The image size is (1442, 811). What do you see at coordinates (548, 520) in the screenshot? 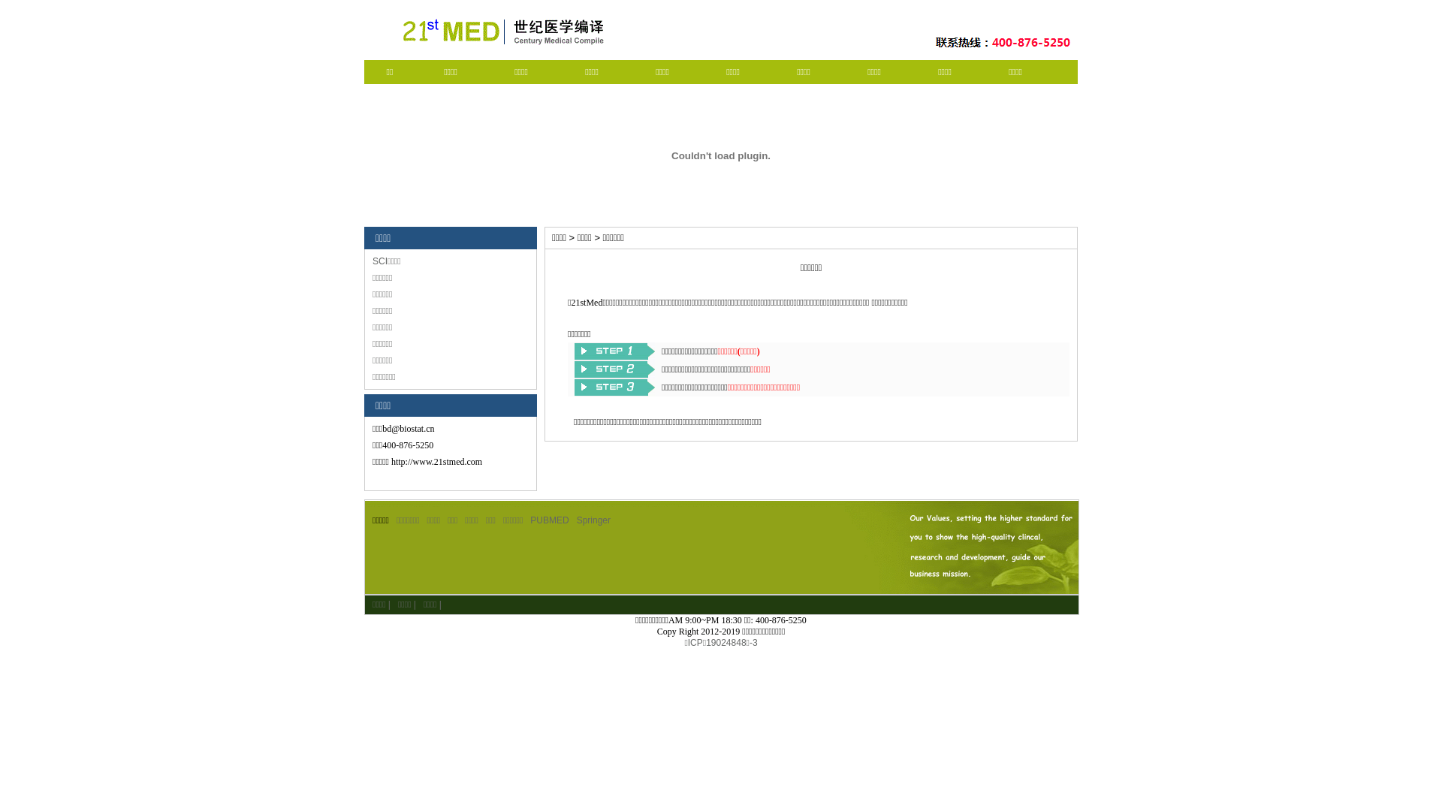
I see `'PUBMED'` at bounding box center [548, 520].